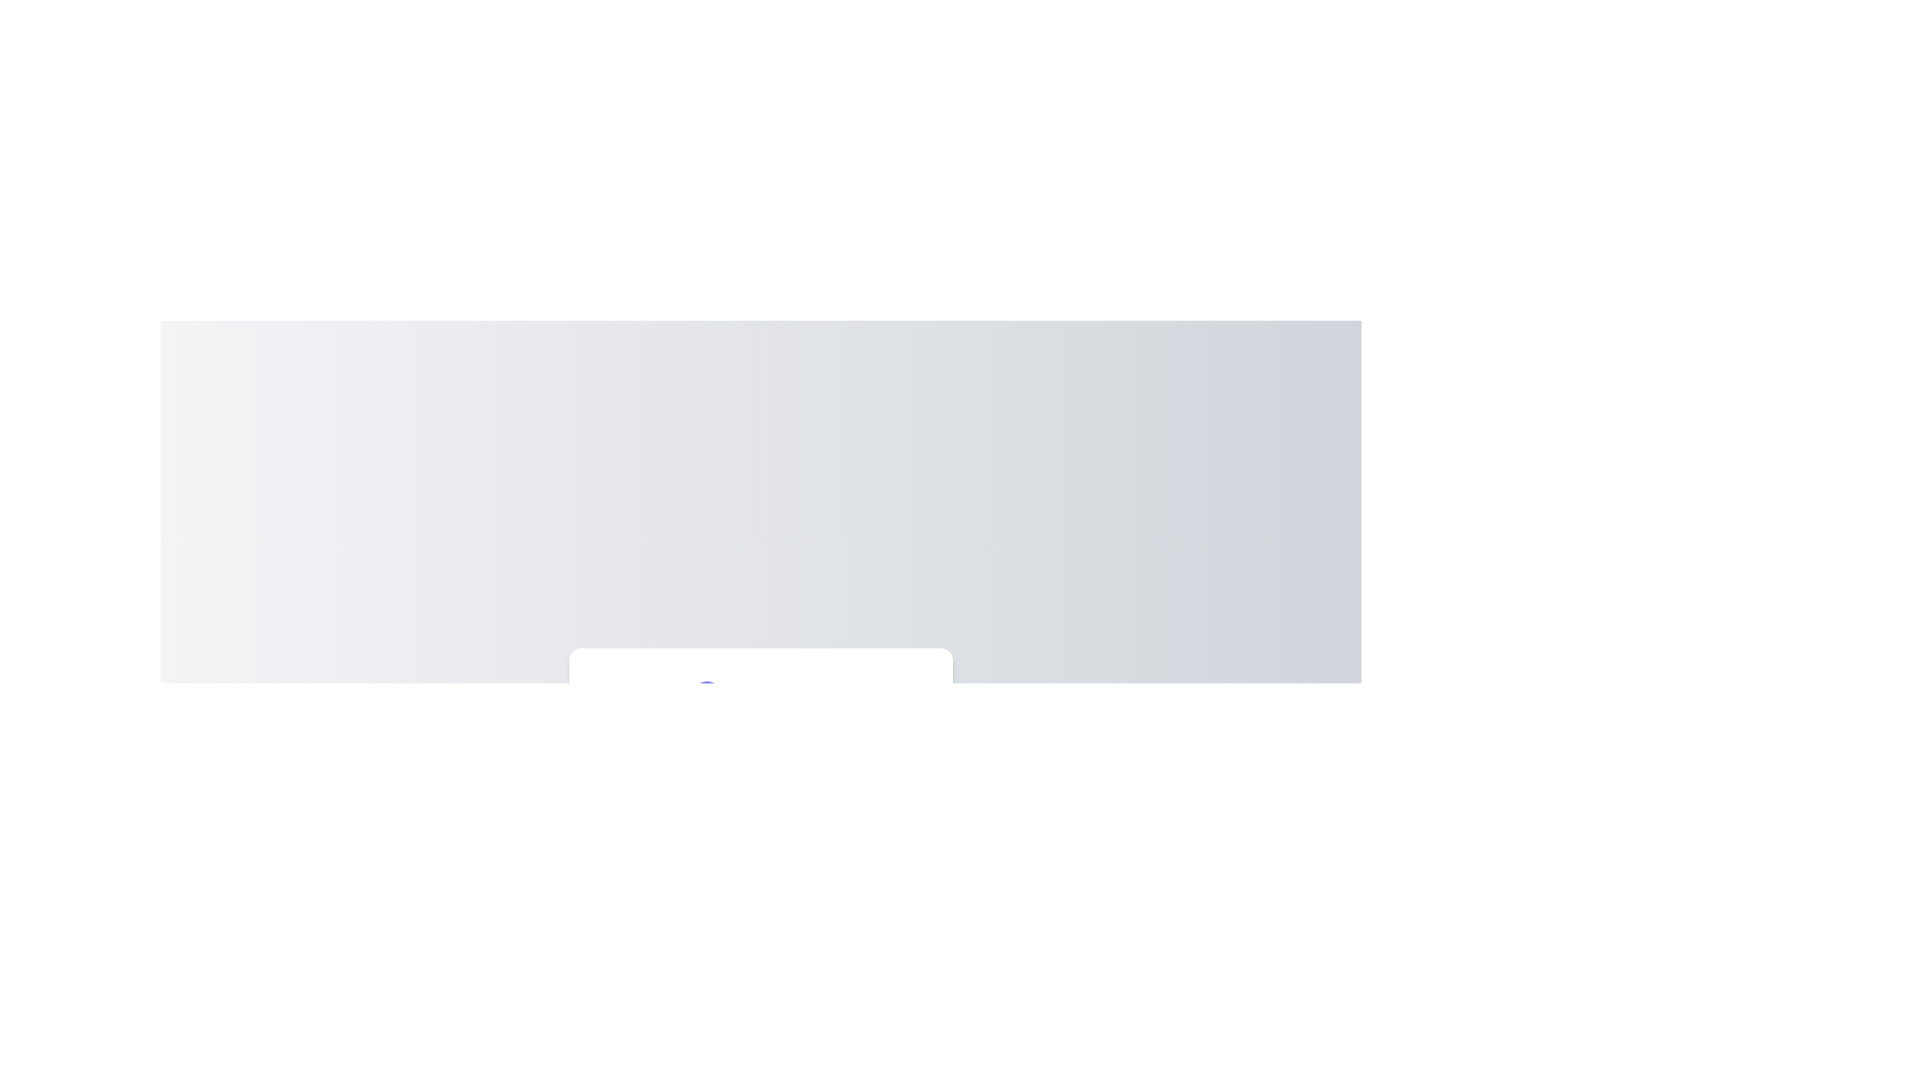  What do you see at coordinates (656, 812) in the screenshot?
I see `the slider to set the color intensity to 11` at bounding box center [656, 812].